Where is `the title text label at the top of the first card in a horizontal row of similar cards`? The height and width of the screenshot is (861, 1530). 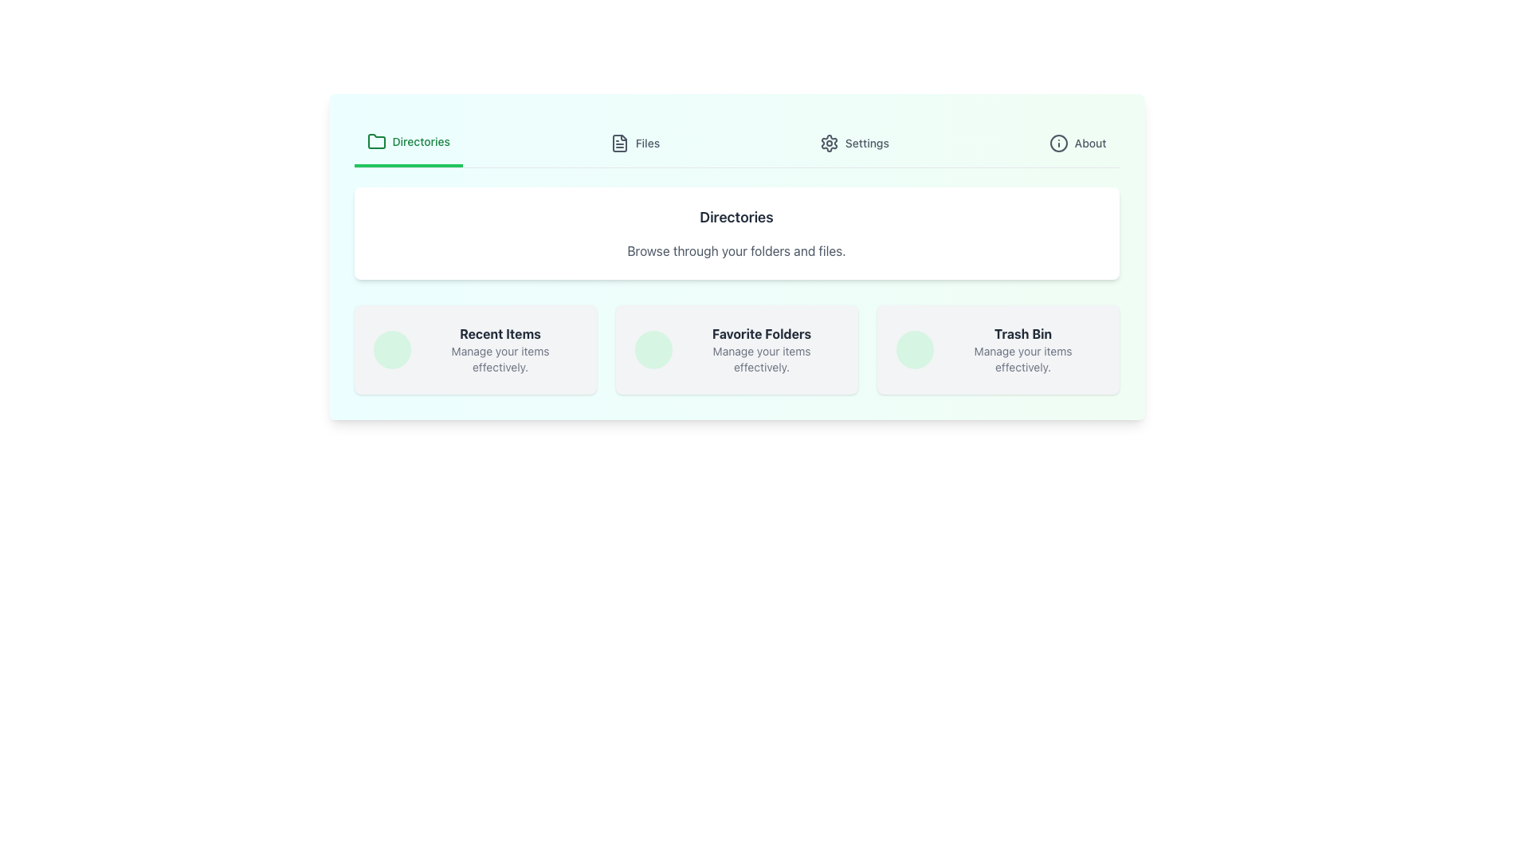
the title text label at the top of the first card in a horizontal row of similar cards is located at coordinates (500, 333).